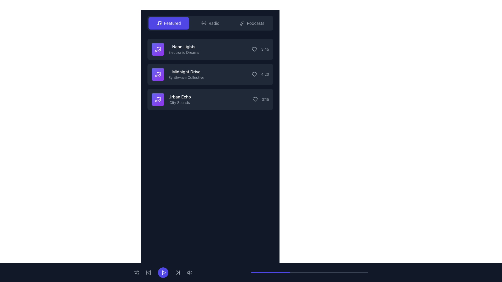  Describe the element at coordinates (252, 23) in the screenshot. I see `the 'Podcasts' button, which is a rectangular button with rounded corners featuring a microphone icon and gray text` at that location.